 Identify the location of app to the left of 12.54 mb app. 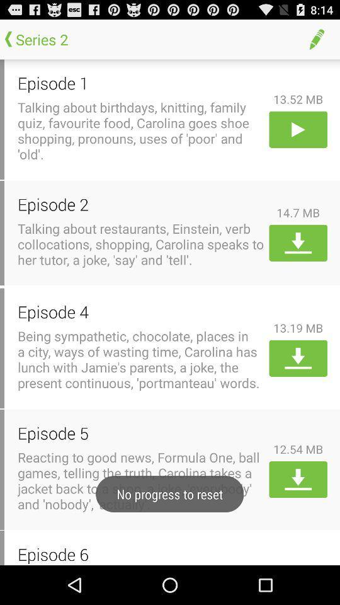
(140, 433).